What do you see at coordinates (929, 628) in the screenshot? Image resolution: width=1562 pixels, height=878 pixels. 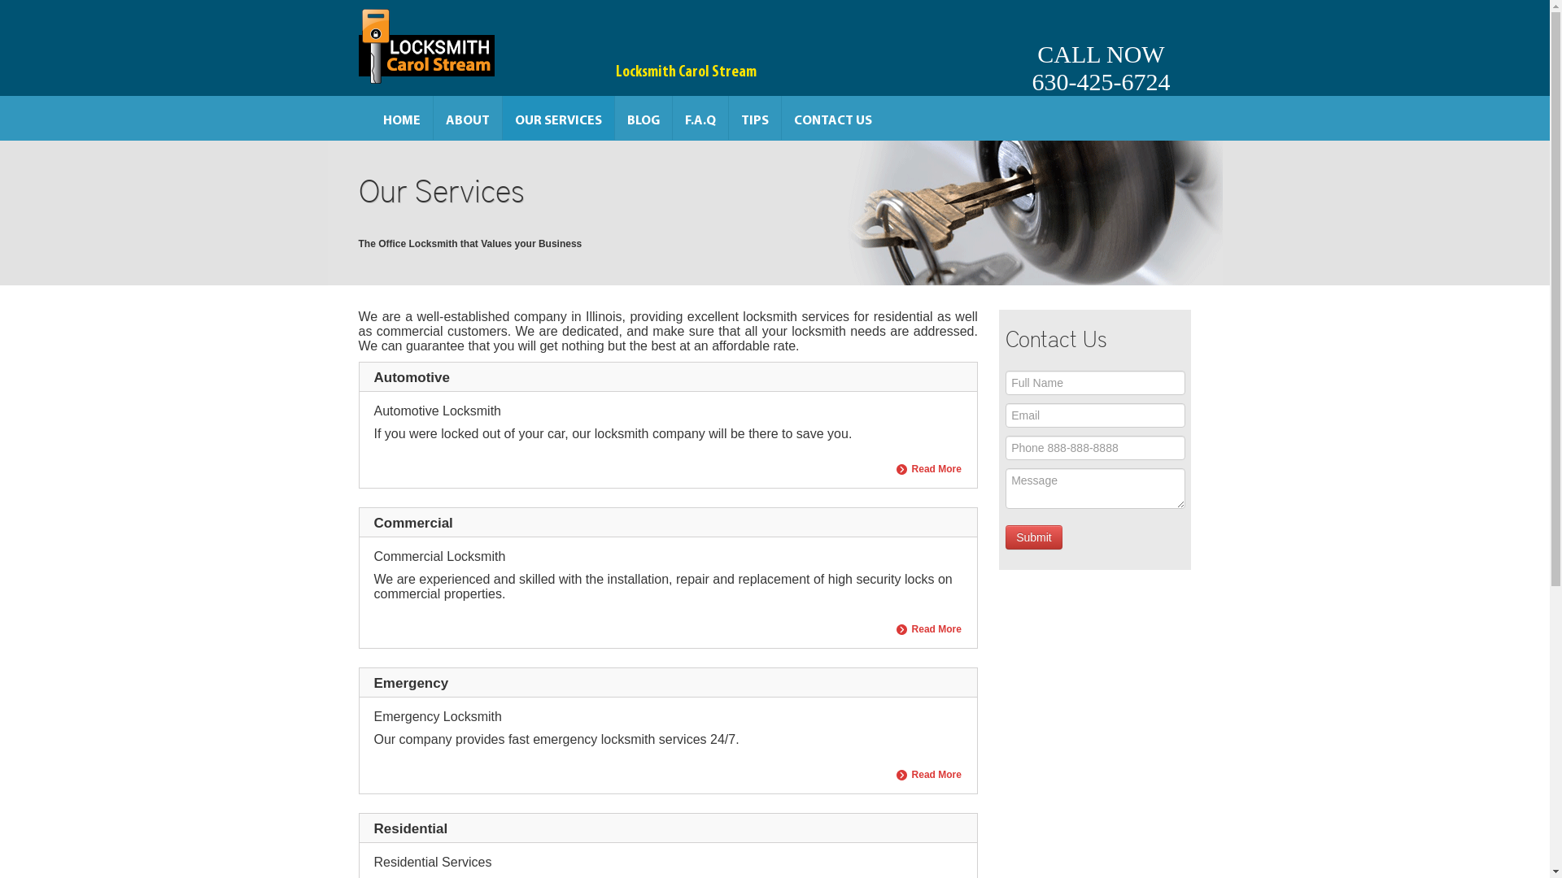 I see `'Read More'` at bounding box center [929, 628].